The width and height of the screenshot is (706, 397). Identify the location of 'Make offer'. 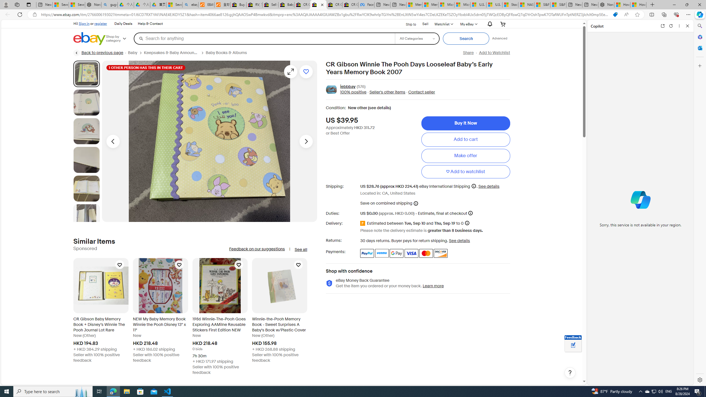
(465, 155).